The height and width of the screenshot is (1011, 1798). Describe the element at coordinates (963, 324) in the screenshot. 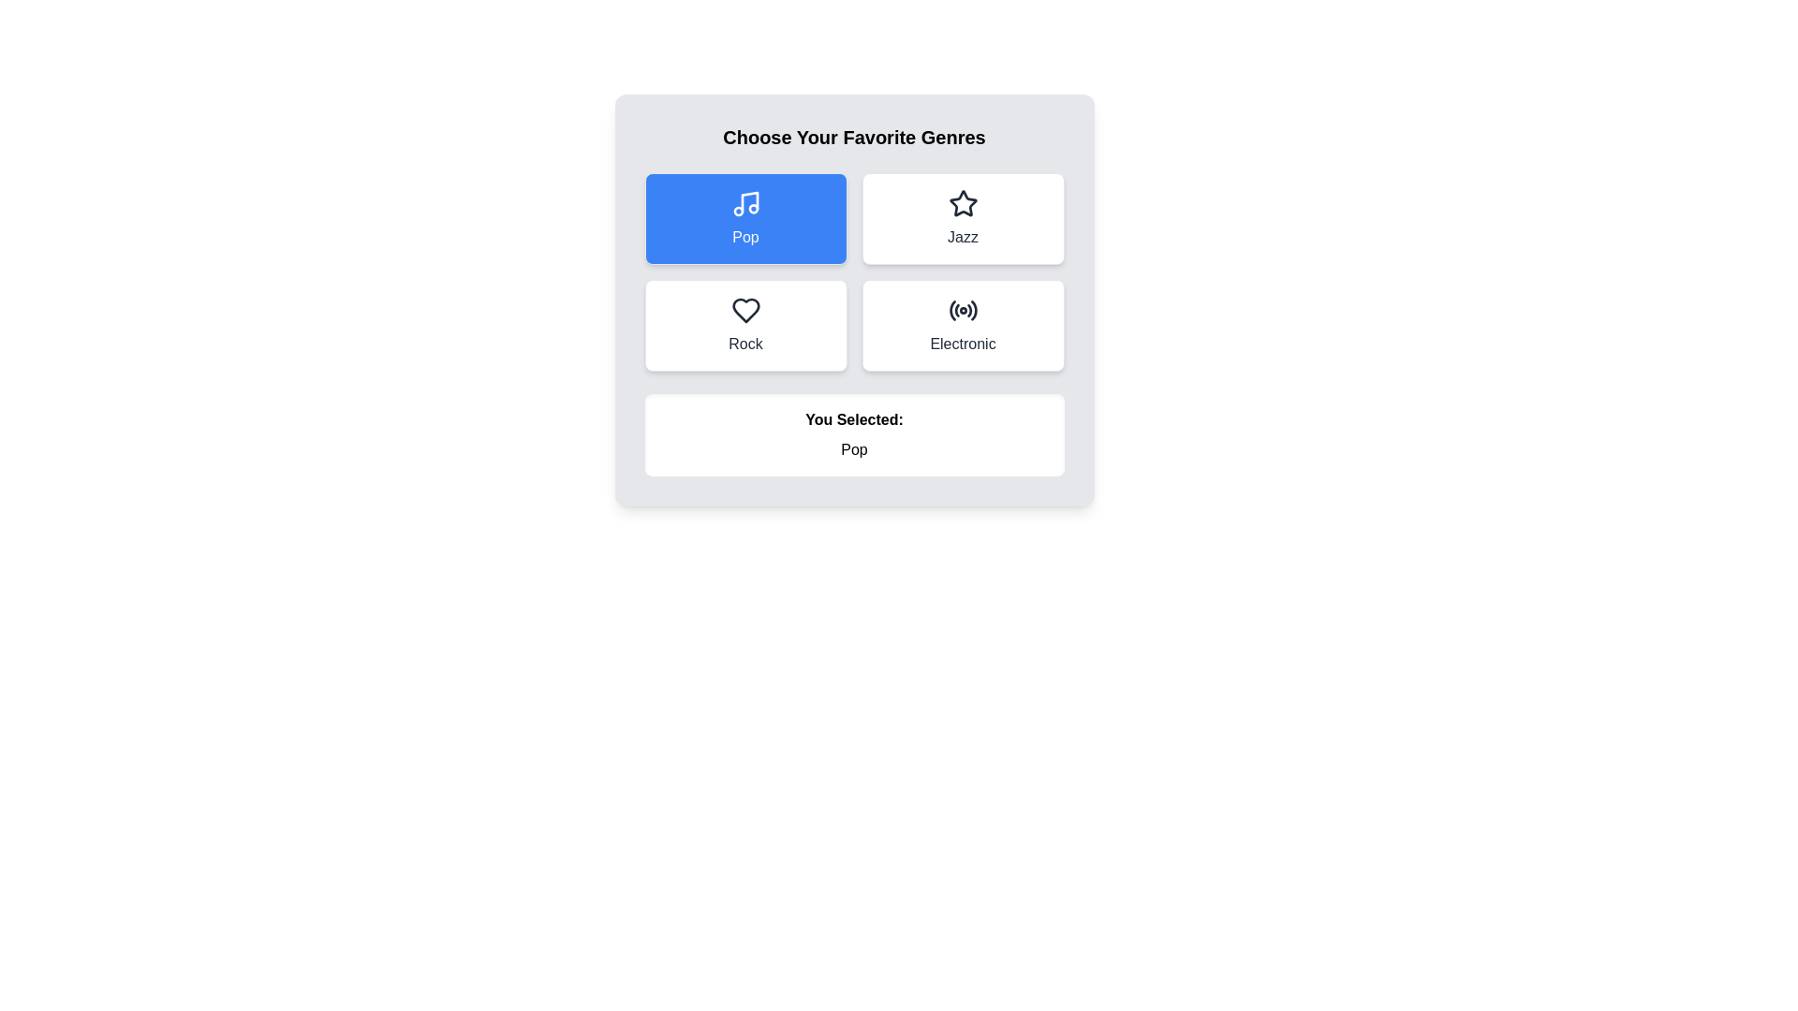

I see `the genre Electronic by clicking its button` at that location.